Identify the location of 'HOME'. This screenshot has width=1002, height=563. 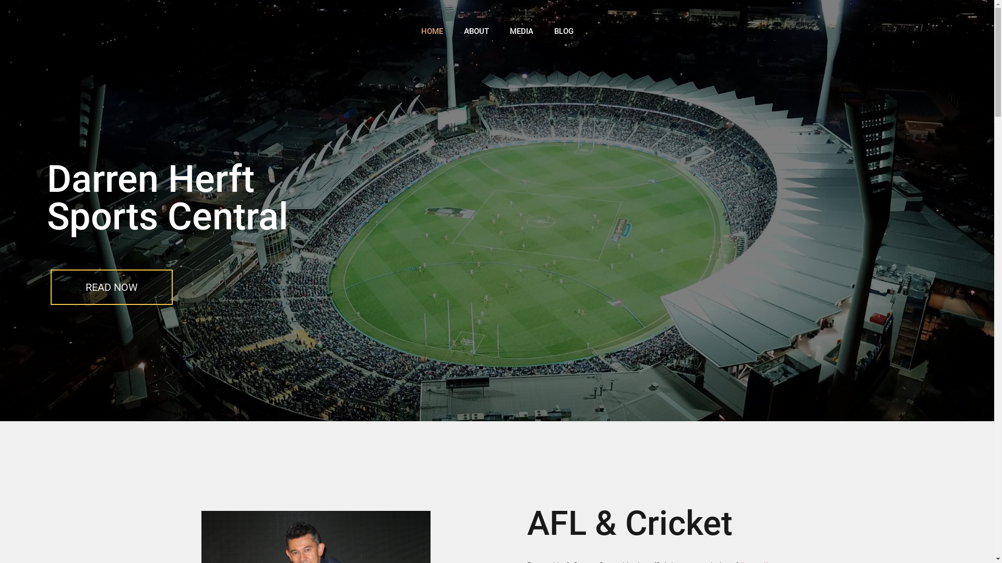
(431, 31).